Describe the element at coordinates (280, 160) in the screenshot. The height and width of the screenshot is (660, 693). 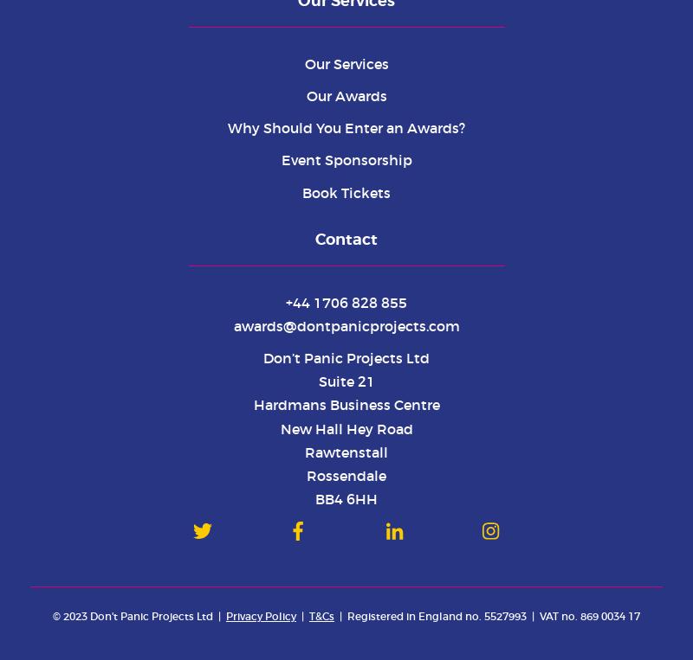
I see `'Event Sponsorship'` at that location.